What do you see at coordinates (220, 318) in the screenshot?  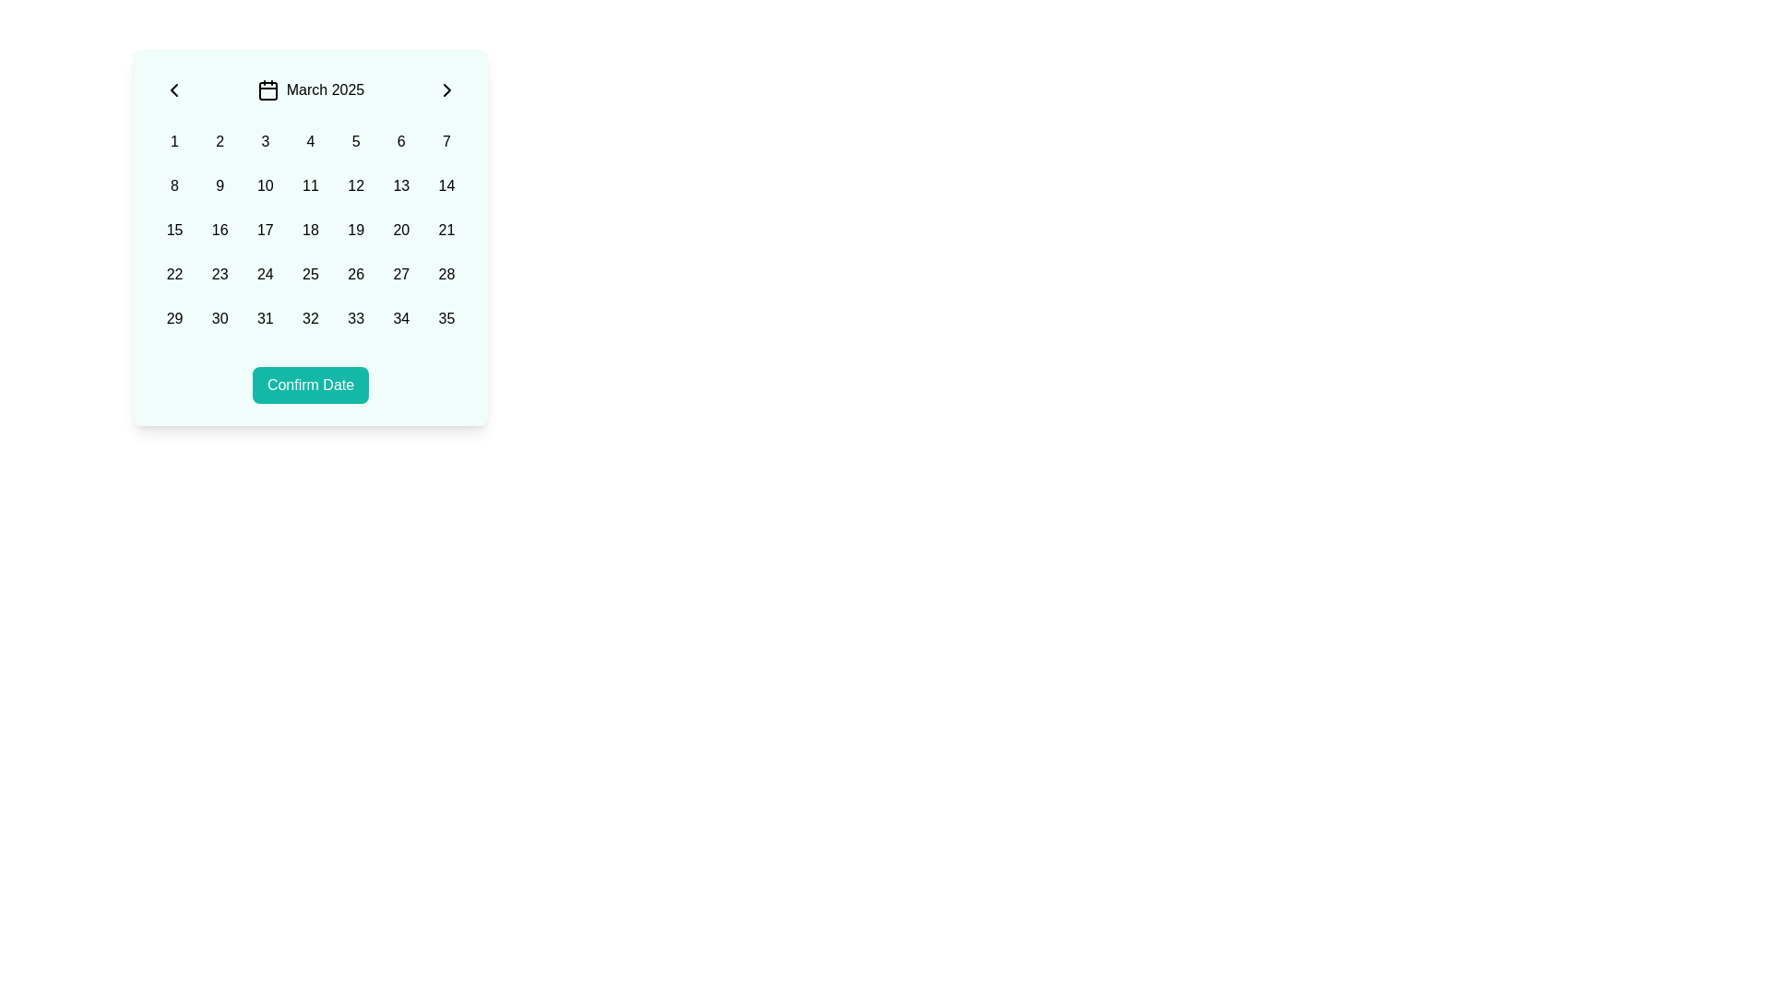 I see `the selectable calendar date button representing the number '30'` at bounding box center [220, 318].